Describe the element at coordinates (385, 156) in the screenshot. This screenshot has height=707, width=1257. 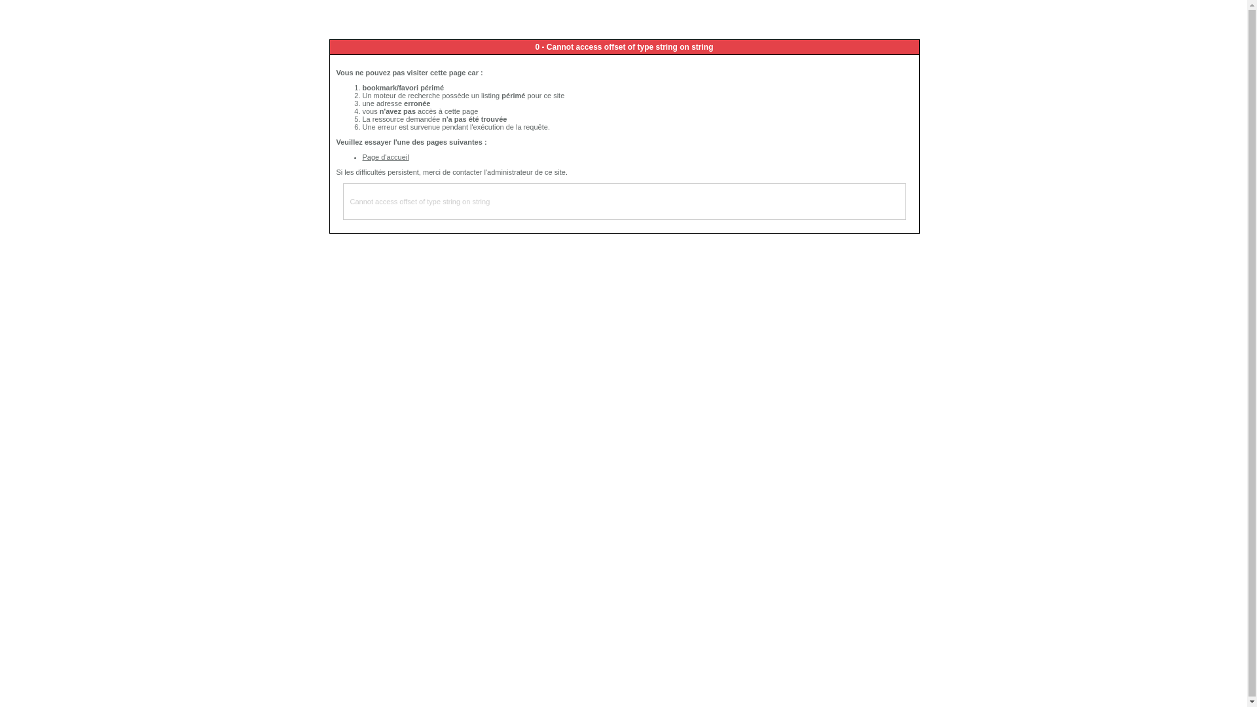
I see `'Page d'accueil'` at that location.